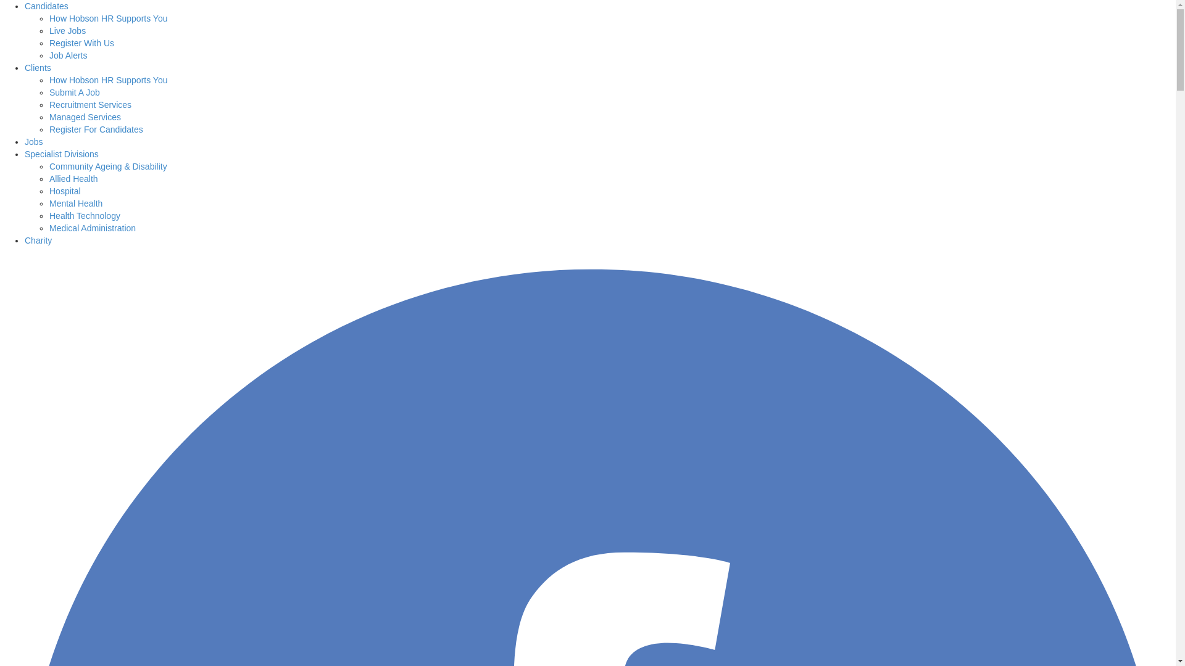 The width and height of the screenshot is (1185, 666). What do you see at coordinates (49, 117) in the screenshot?
I see `'Managed Services'` at bounding box center [49, 117].